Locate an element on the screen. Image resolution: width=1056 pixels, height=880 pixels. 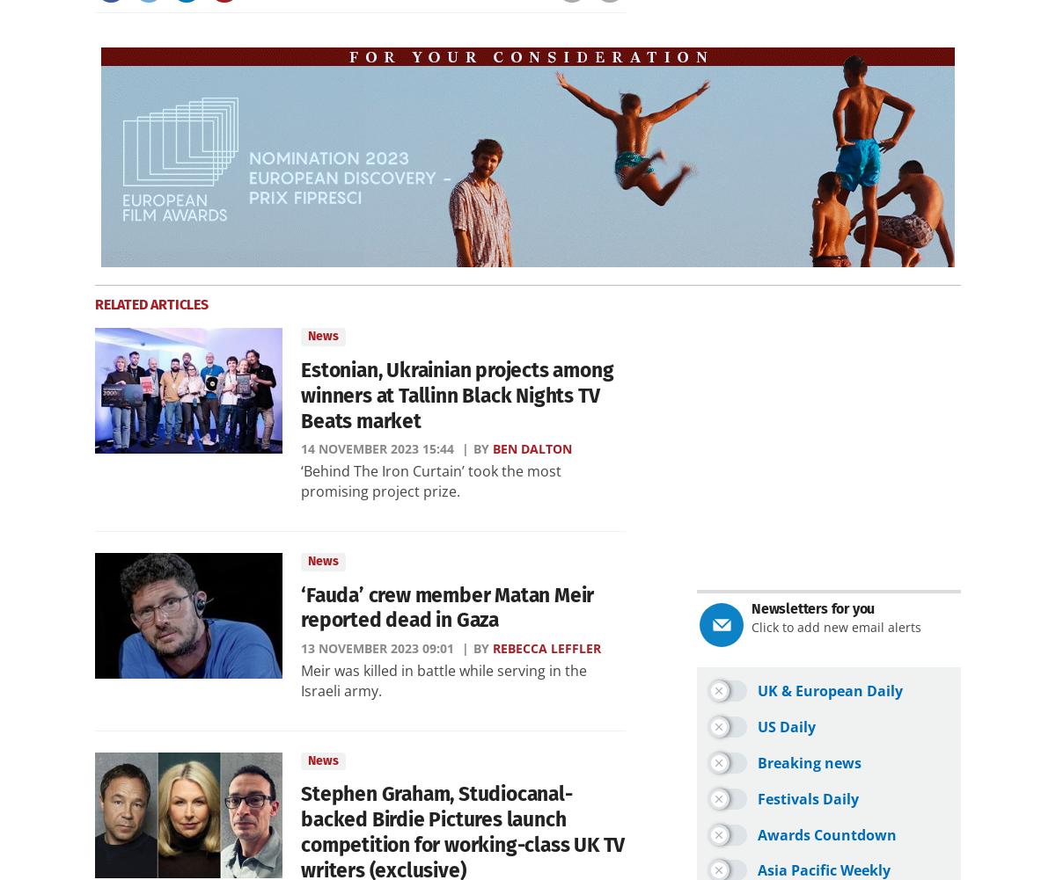
'13 November 2023 09:01' is located at coordinates (378, 648).